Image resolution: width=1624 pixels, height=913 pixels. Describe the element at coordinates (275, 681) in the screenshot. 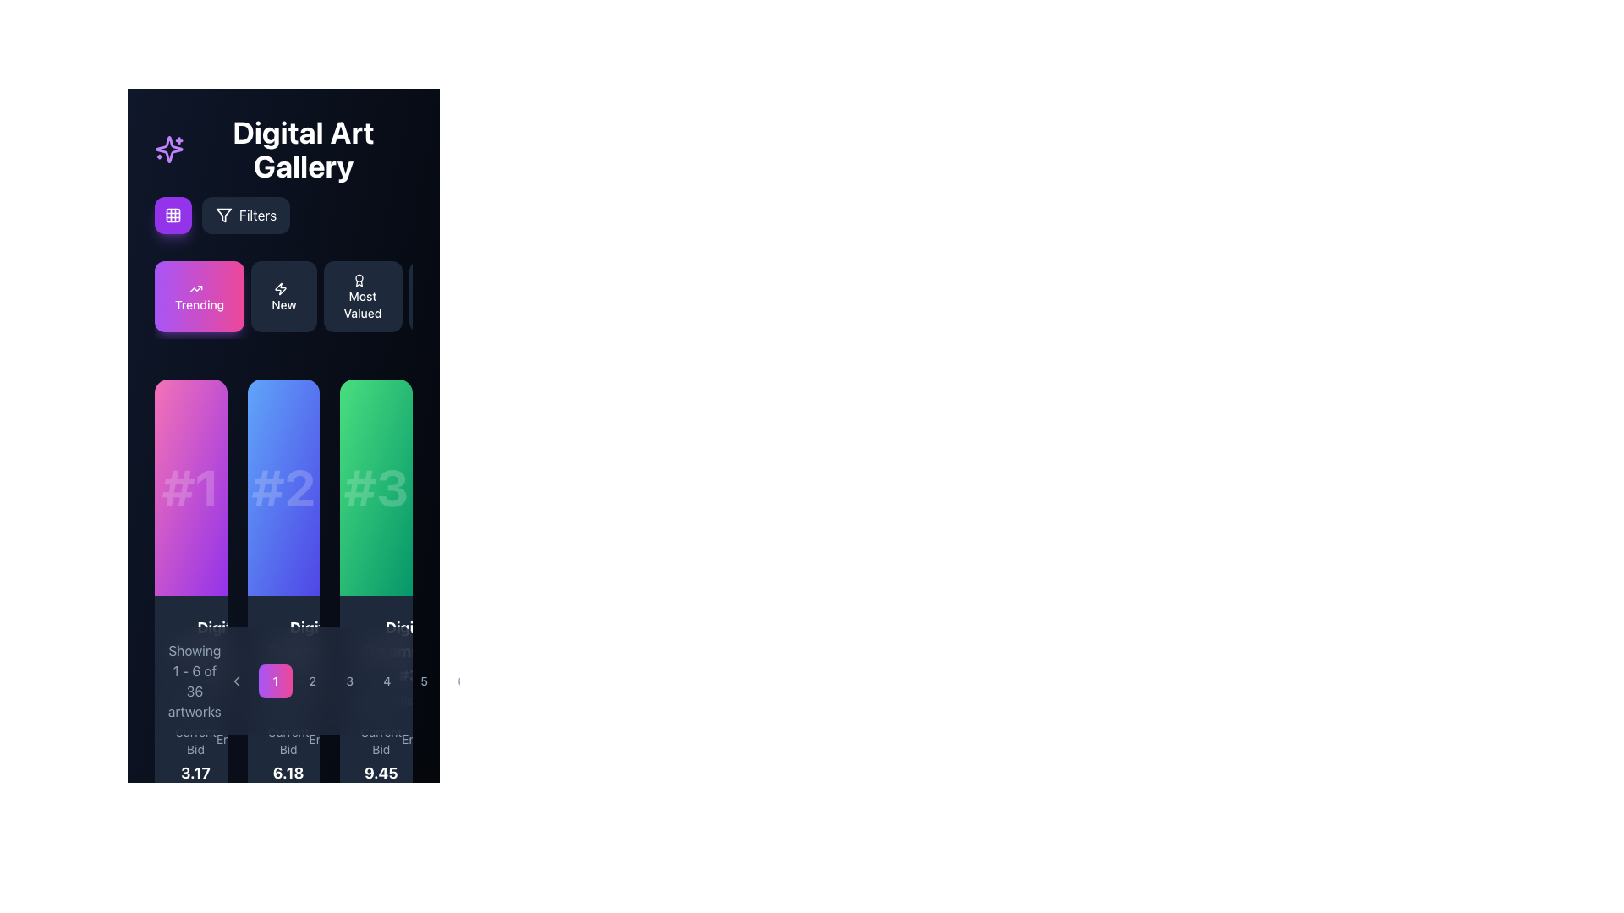

I see `the square button with a gradient background transitioning from purple to pink, displaying the number '1' in white` at that location.